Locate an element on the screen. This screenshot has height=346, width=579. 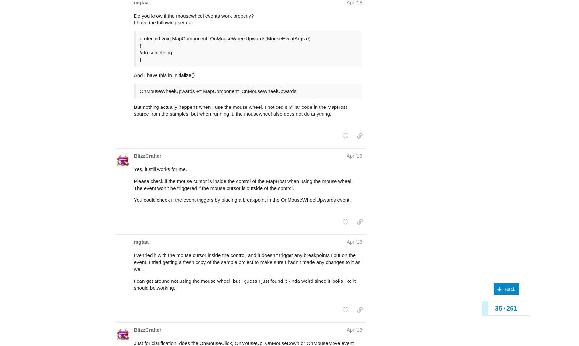
'//do something' is located at coordinates (139, 26).